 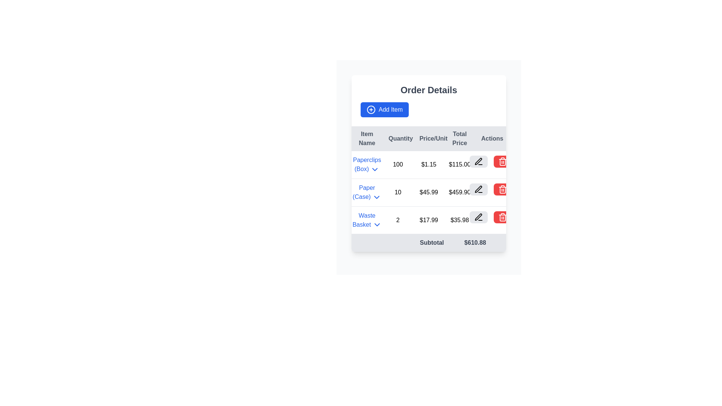 I want to click on the delete button located in the 'Actions' column of the table, so click(x=502, y=189).